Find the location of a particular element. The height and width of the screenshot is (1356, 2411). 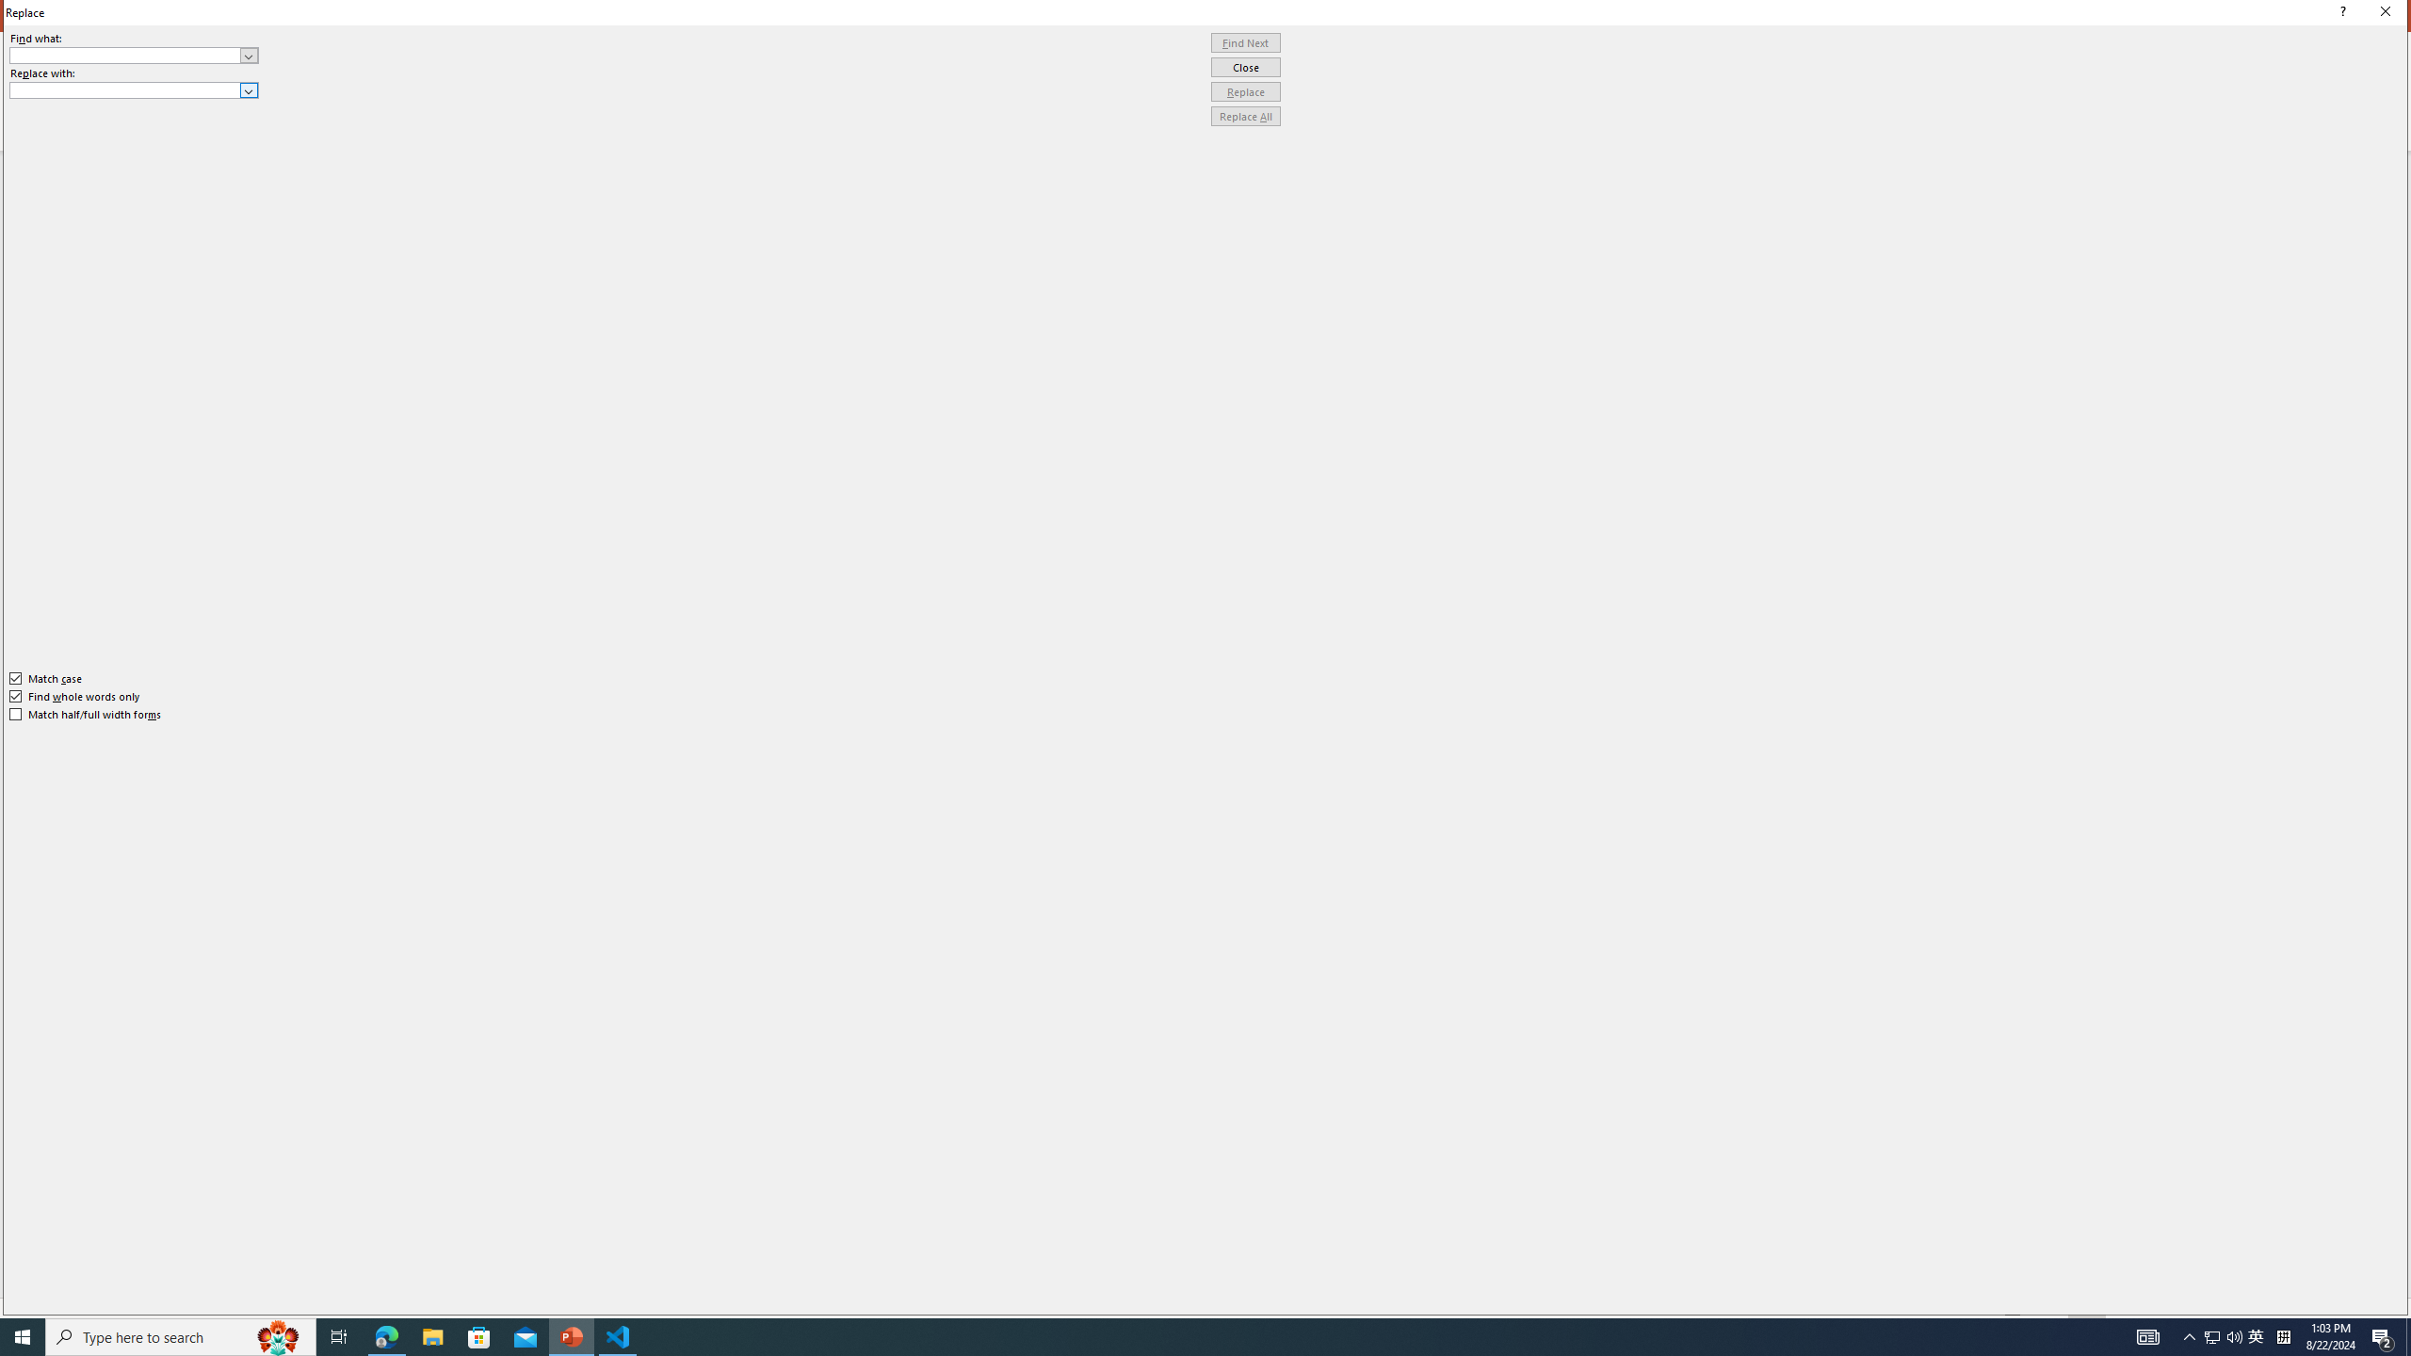

'Replace with' is located at coordinates (134, 89).